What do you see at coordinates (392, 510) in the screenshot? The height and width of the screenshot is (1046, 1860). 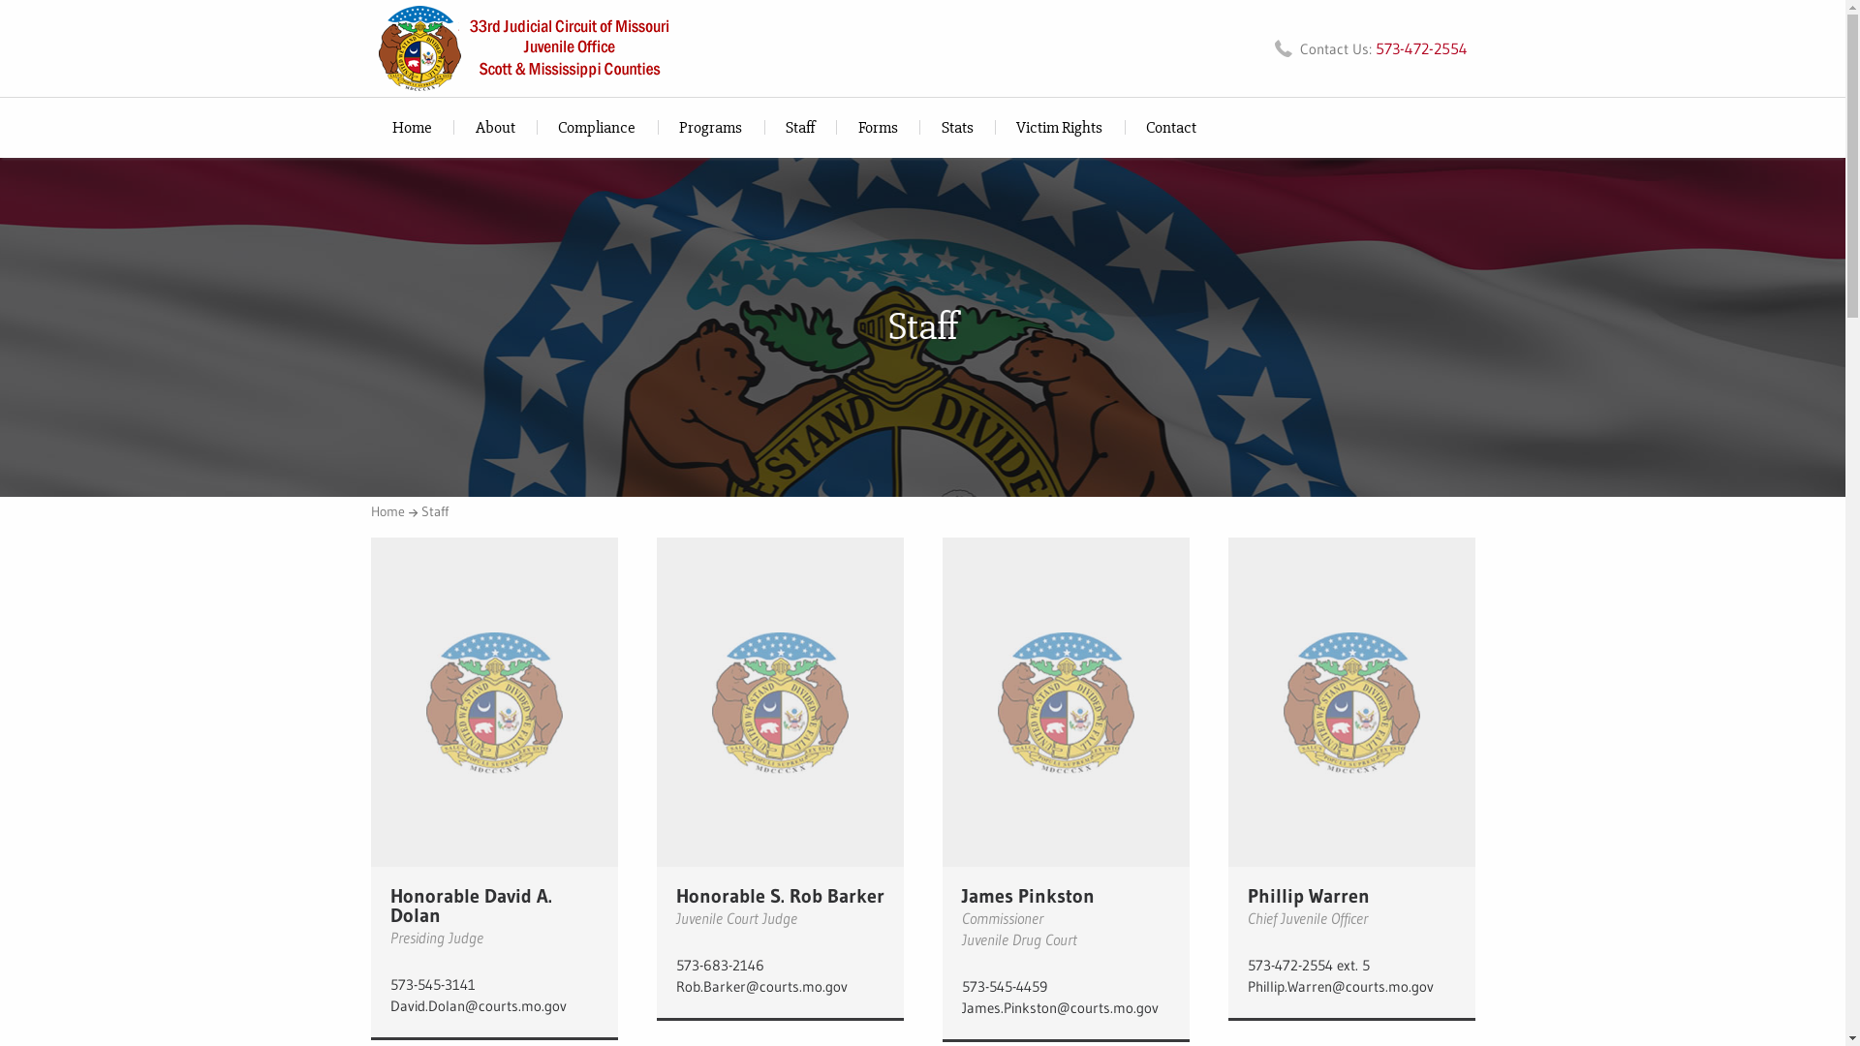 I see `'Home'` at bounding box center [392, 510].